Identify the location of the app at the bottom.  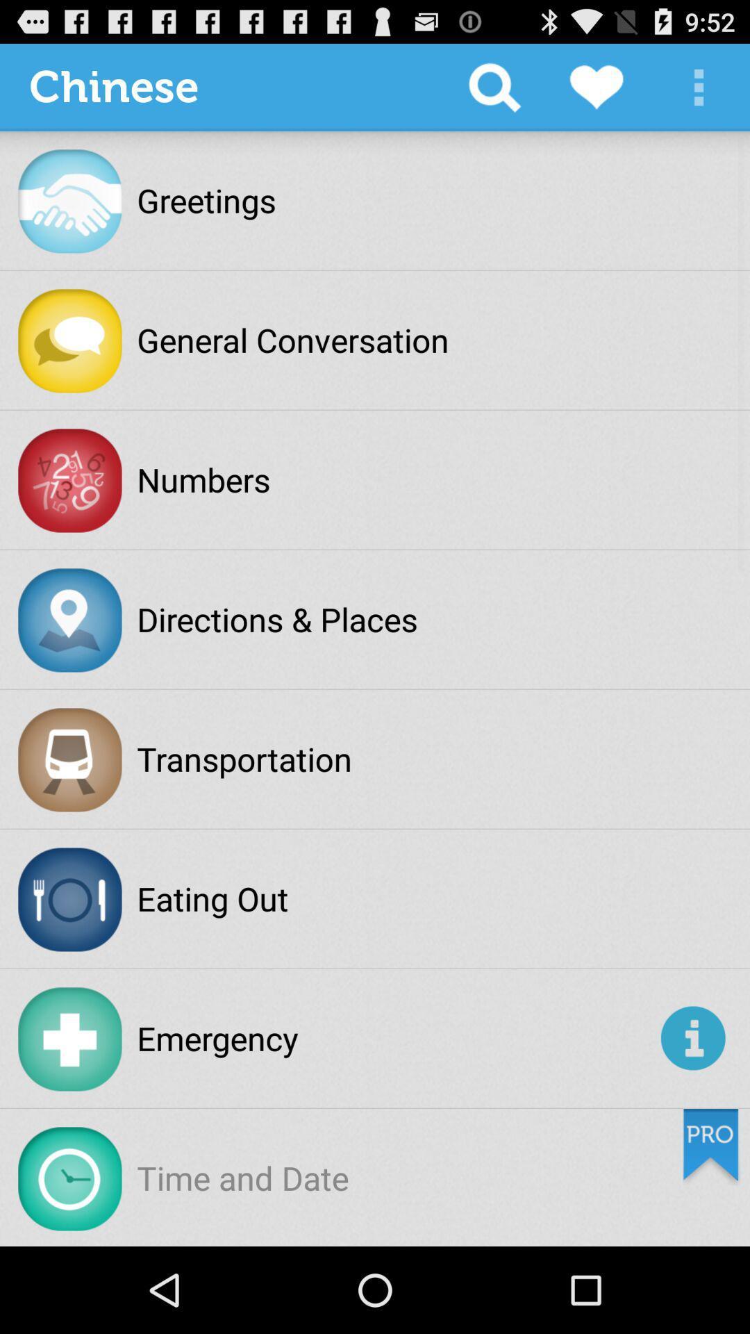
(396, 1038).